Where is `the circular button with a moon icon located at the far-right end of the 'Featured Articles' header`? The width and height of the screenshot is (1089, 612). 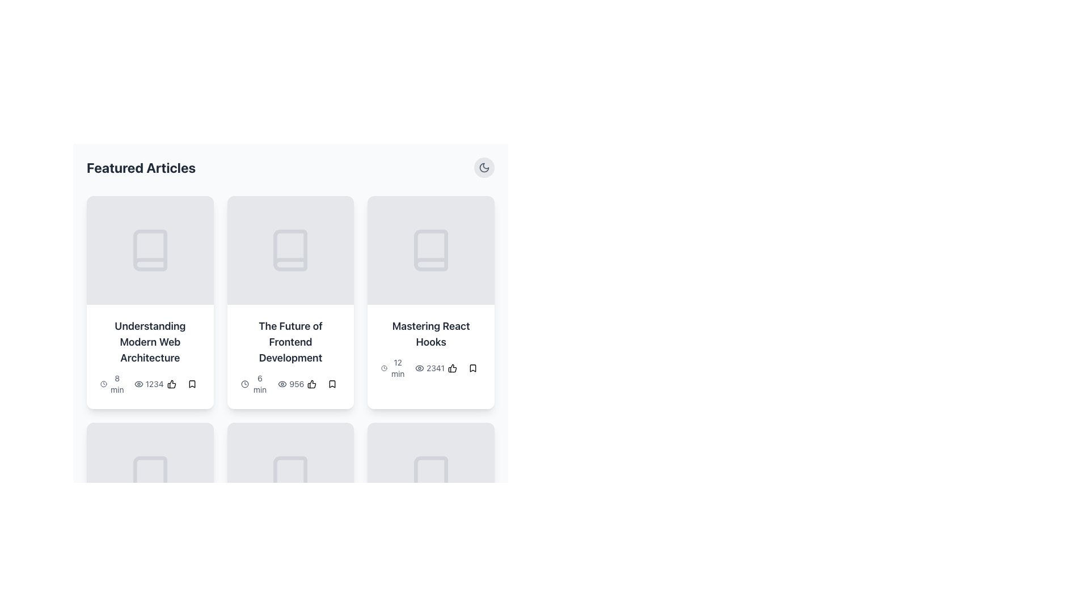 the circular button with a moon icon located at the far-right end of the 'Featured Articles' header is located at coordinates (484, 168).